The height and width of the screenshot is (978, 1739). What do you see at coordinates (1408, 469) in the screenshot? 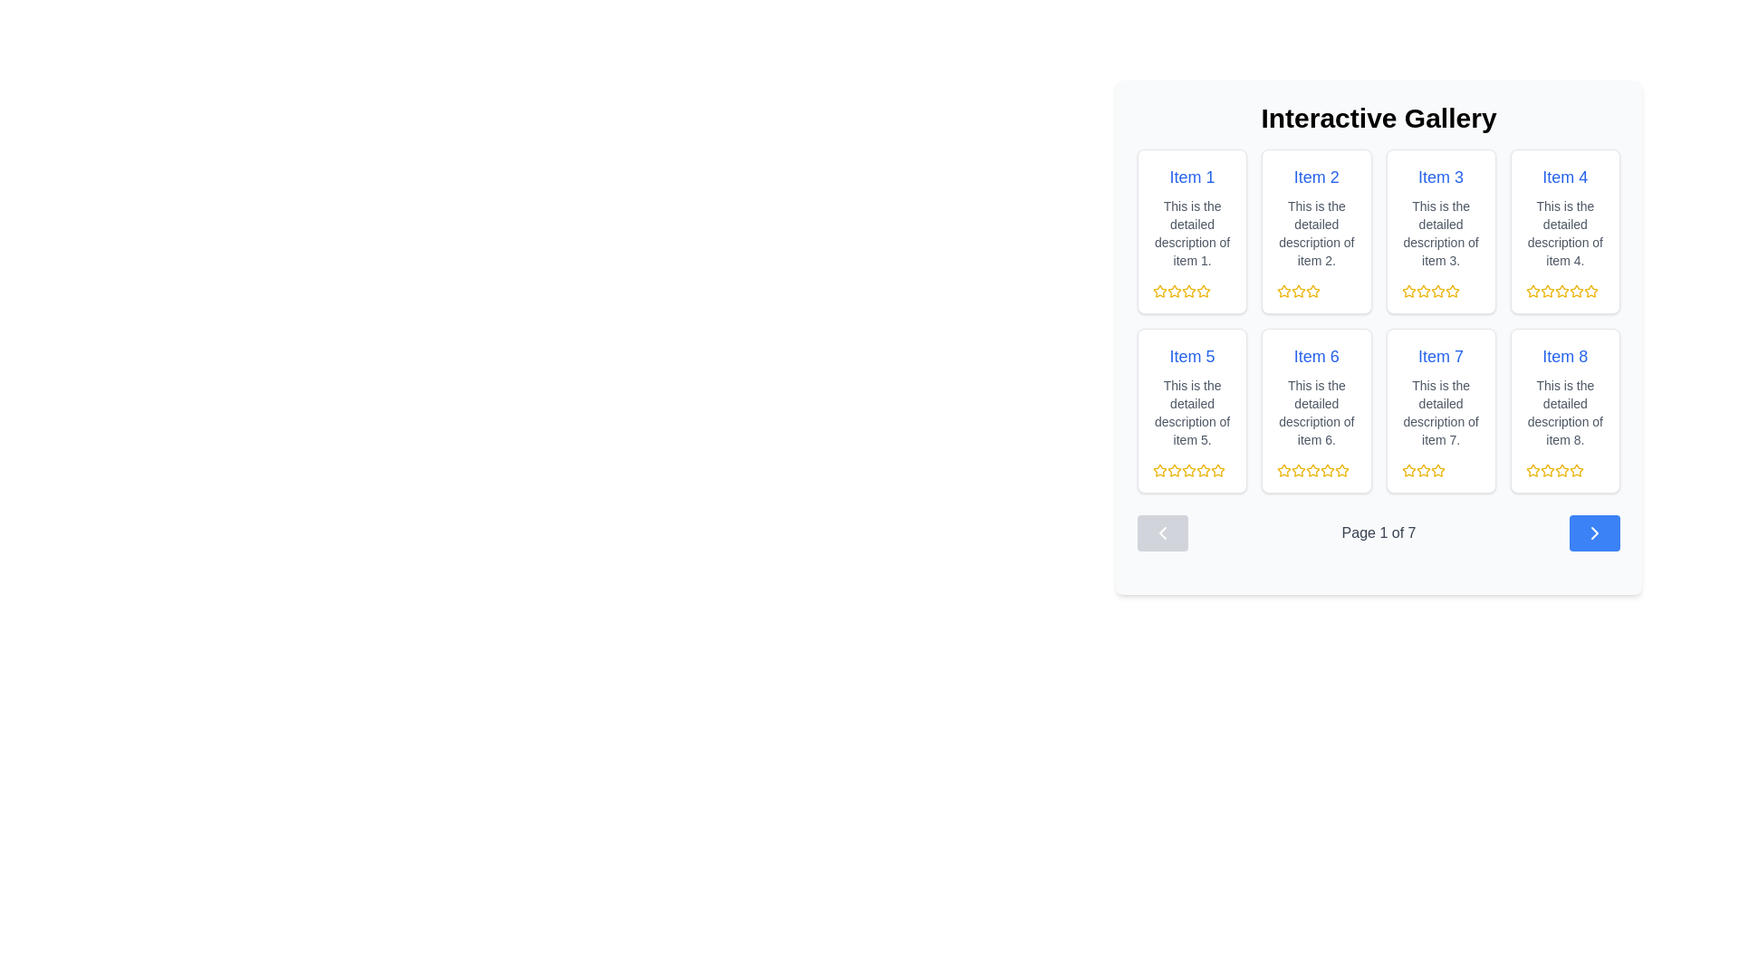
I see `the first star icon in the rating system below 'Item 7' to rate it` at bounding box center [1408, 469].